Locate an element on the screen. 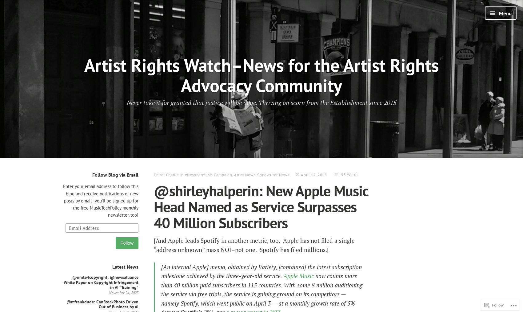 The image size is (523, 312). 'Apple Music' is located at coordinates (298, 275).